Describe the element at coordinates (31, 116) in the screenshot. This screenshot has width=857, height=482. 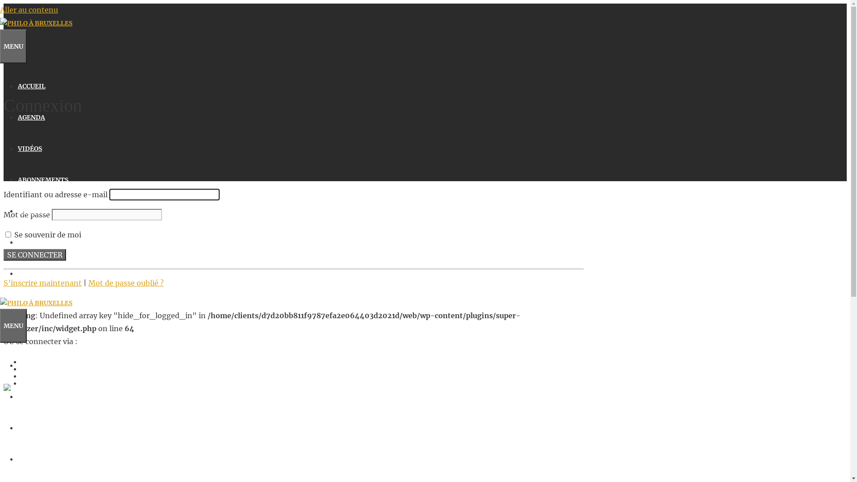
I see `'AGENDA'` at that location.